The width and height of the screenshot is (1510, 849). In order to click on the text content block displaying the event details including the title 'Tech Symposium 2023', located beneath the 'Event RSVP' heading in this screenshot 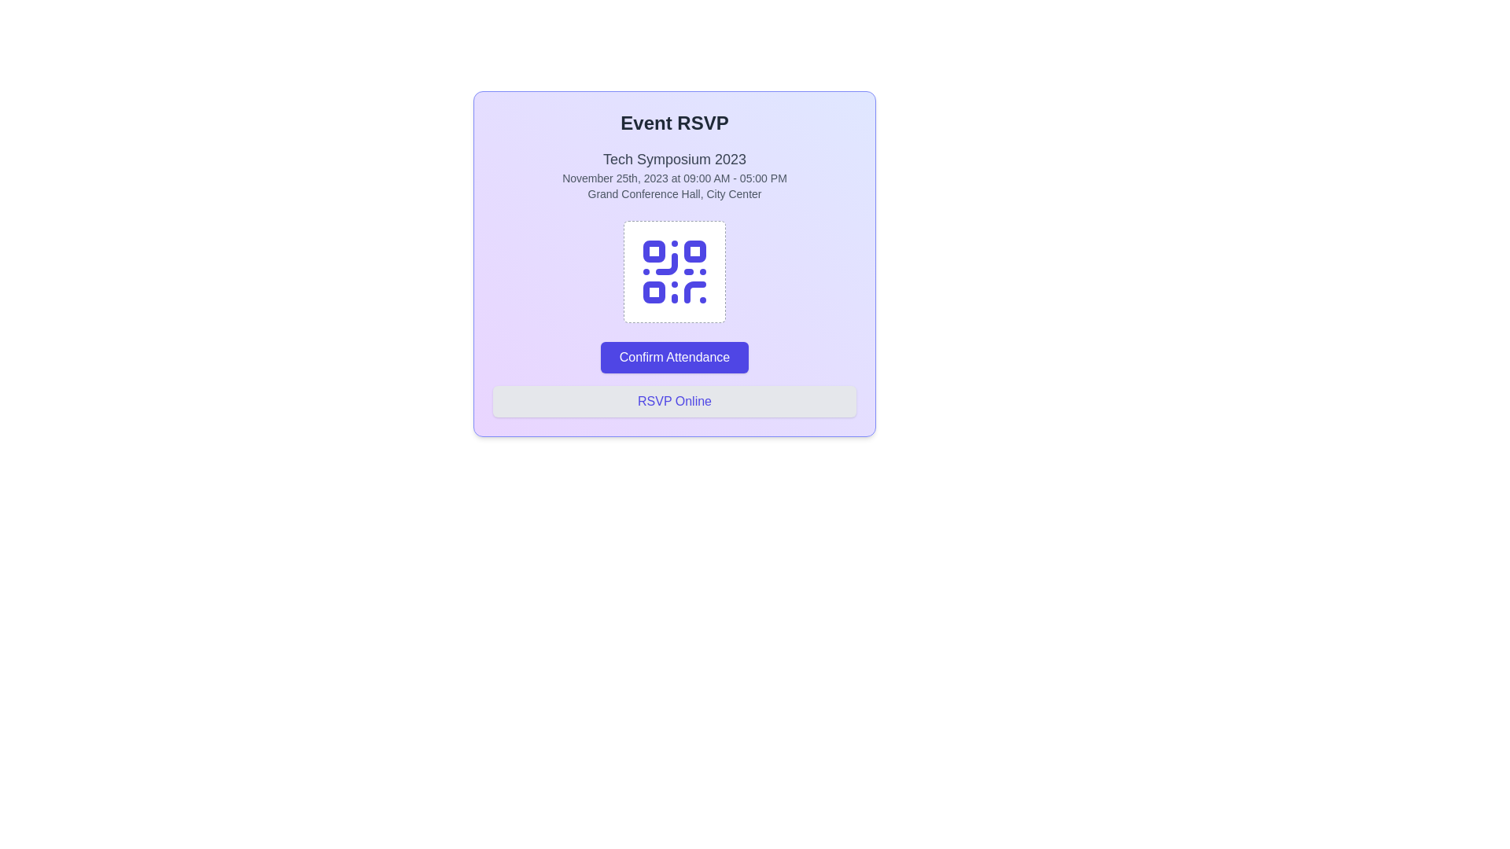, I will do `click(675, 175)`.